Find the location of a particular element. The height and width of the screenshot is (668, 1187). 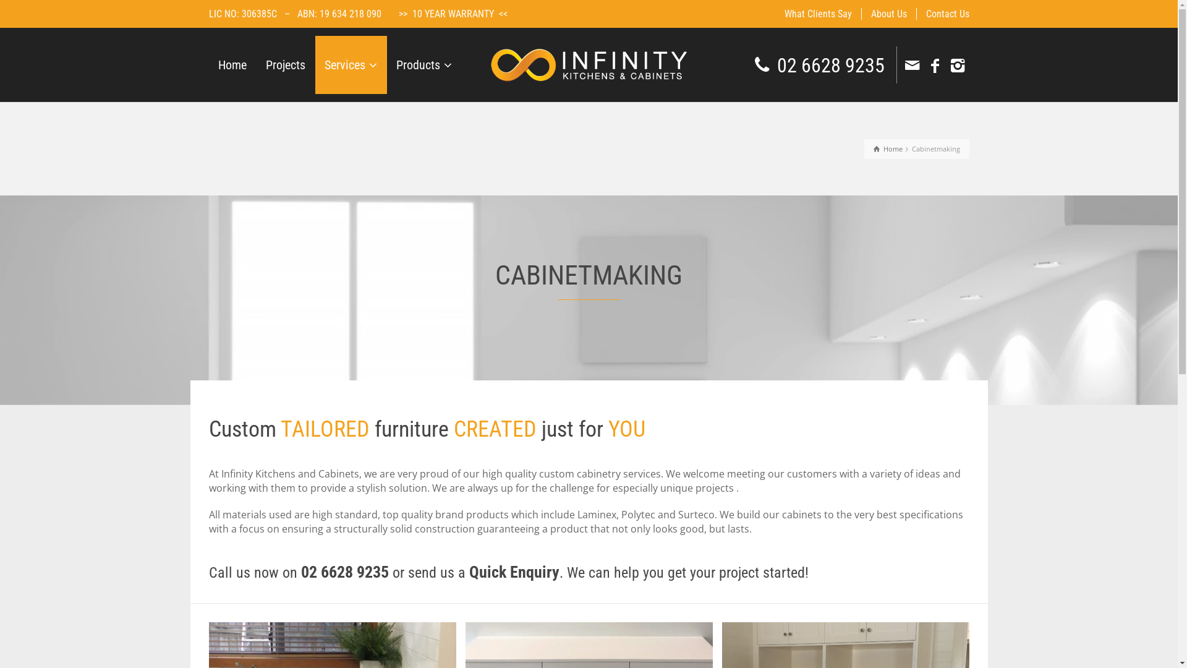

'Infinity Kitchens & Cabinets' is located at coordinates (587, 64).